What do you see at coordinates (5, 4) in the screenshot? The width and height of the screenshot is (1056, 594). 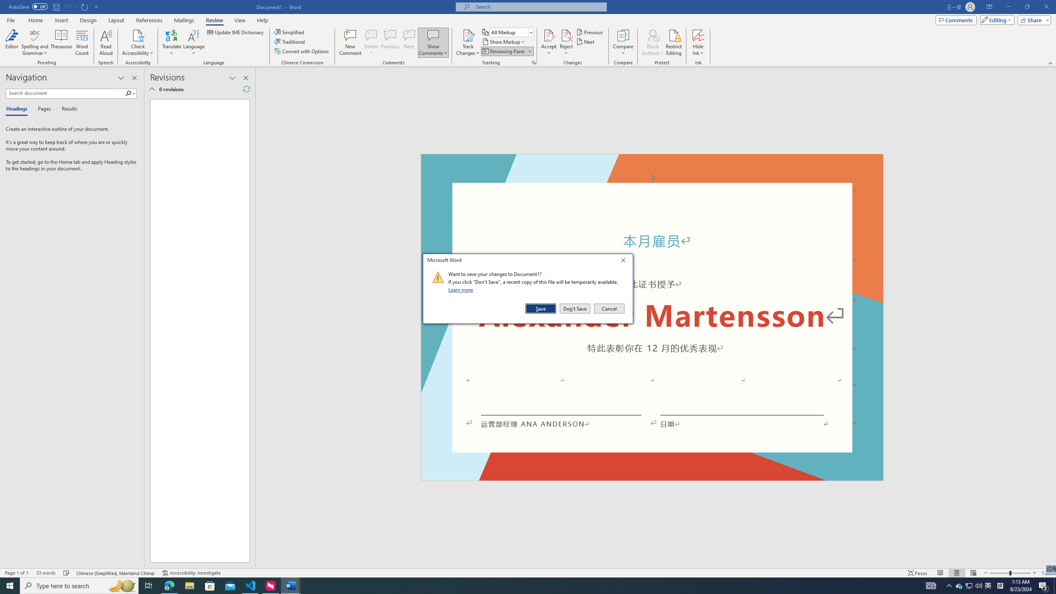 I see `'System'` at bounding box center [5, 4].